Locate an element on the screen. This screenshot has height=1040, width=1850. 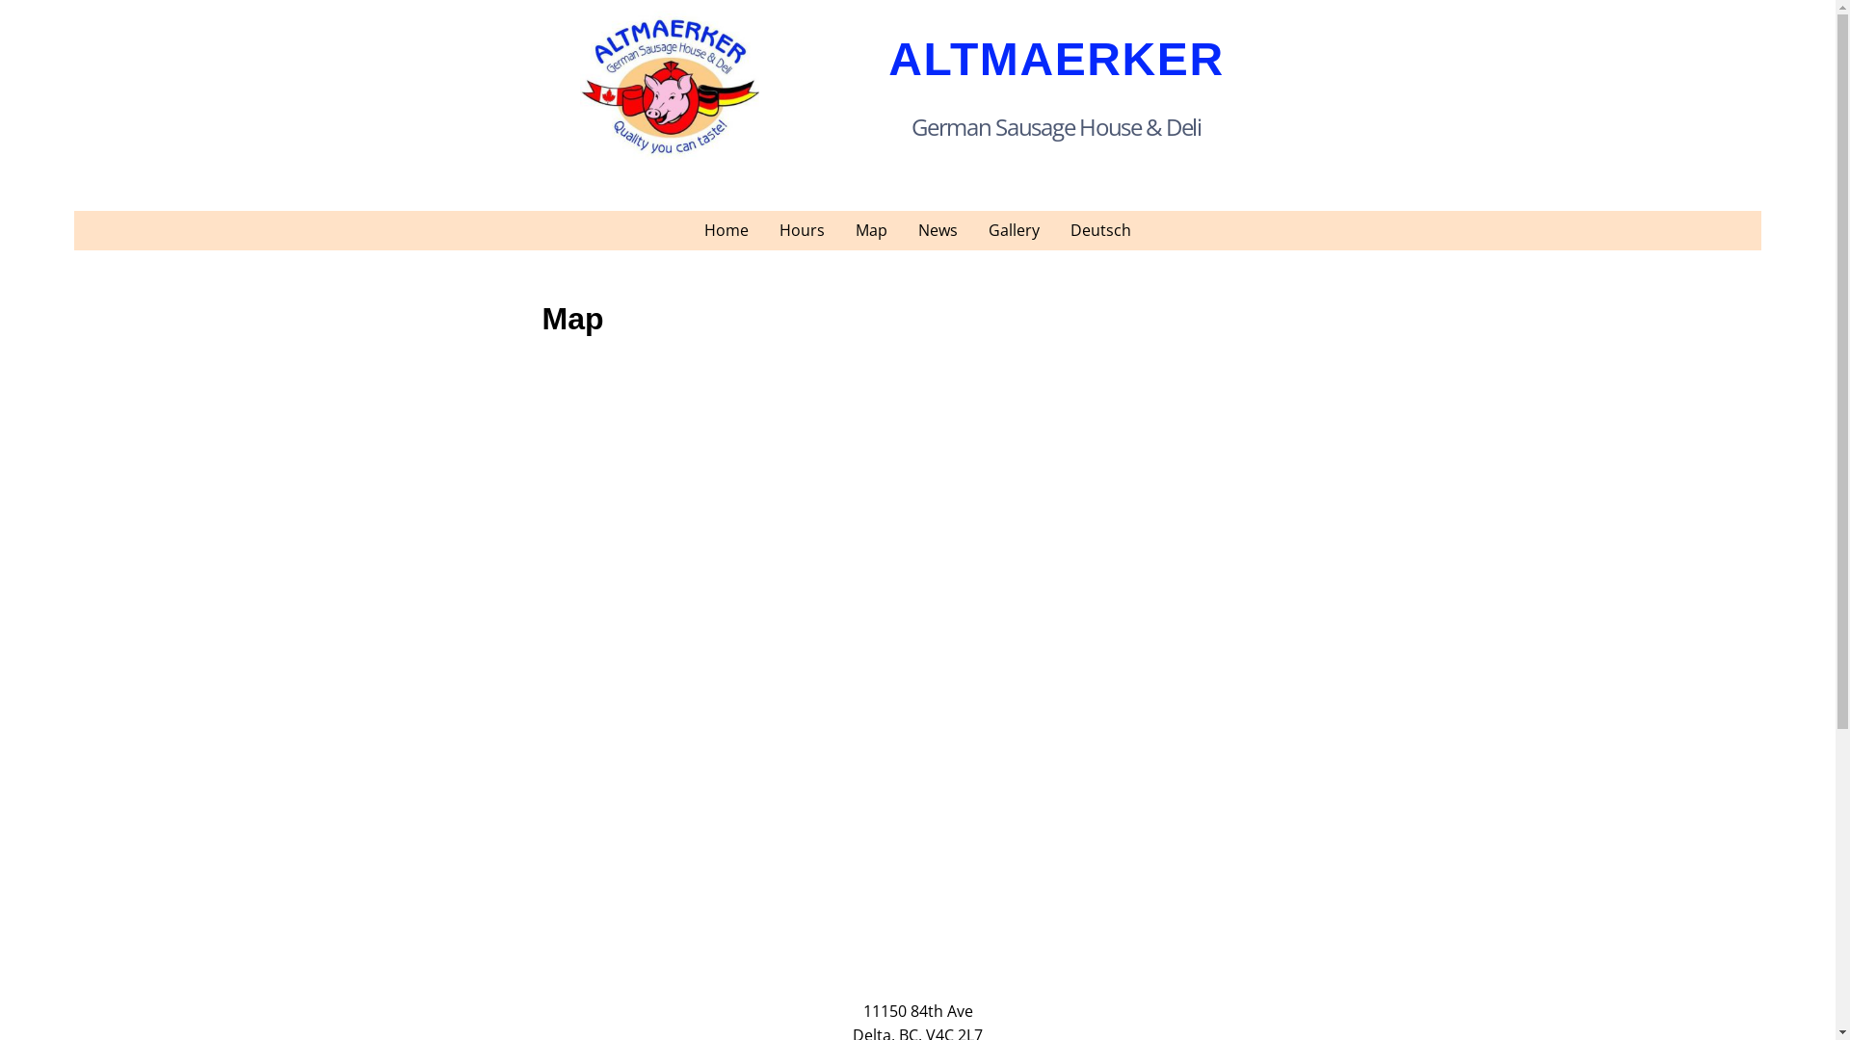
'Map' is located at coordinates (840, 229).